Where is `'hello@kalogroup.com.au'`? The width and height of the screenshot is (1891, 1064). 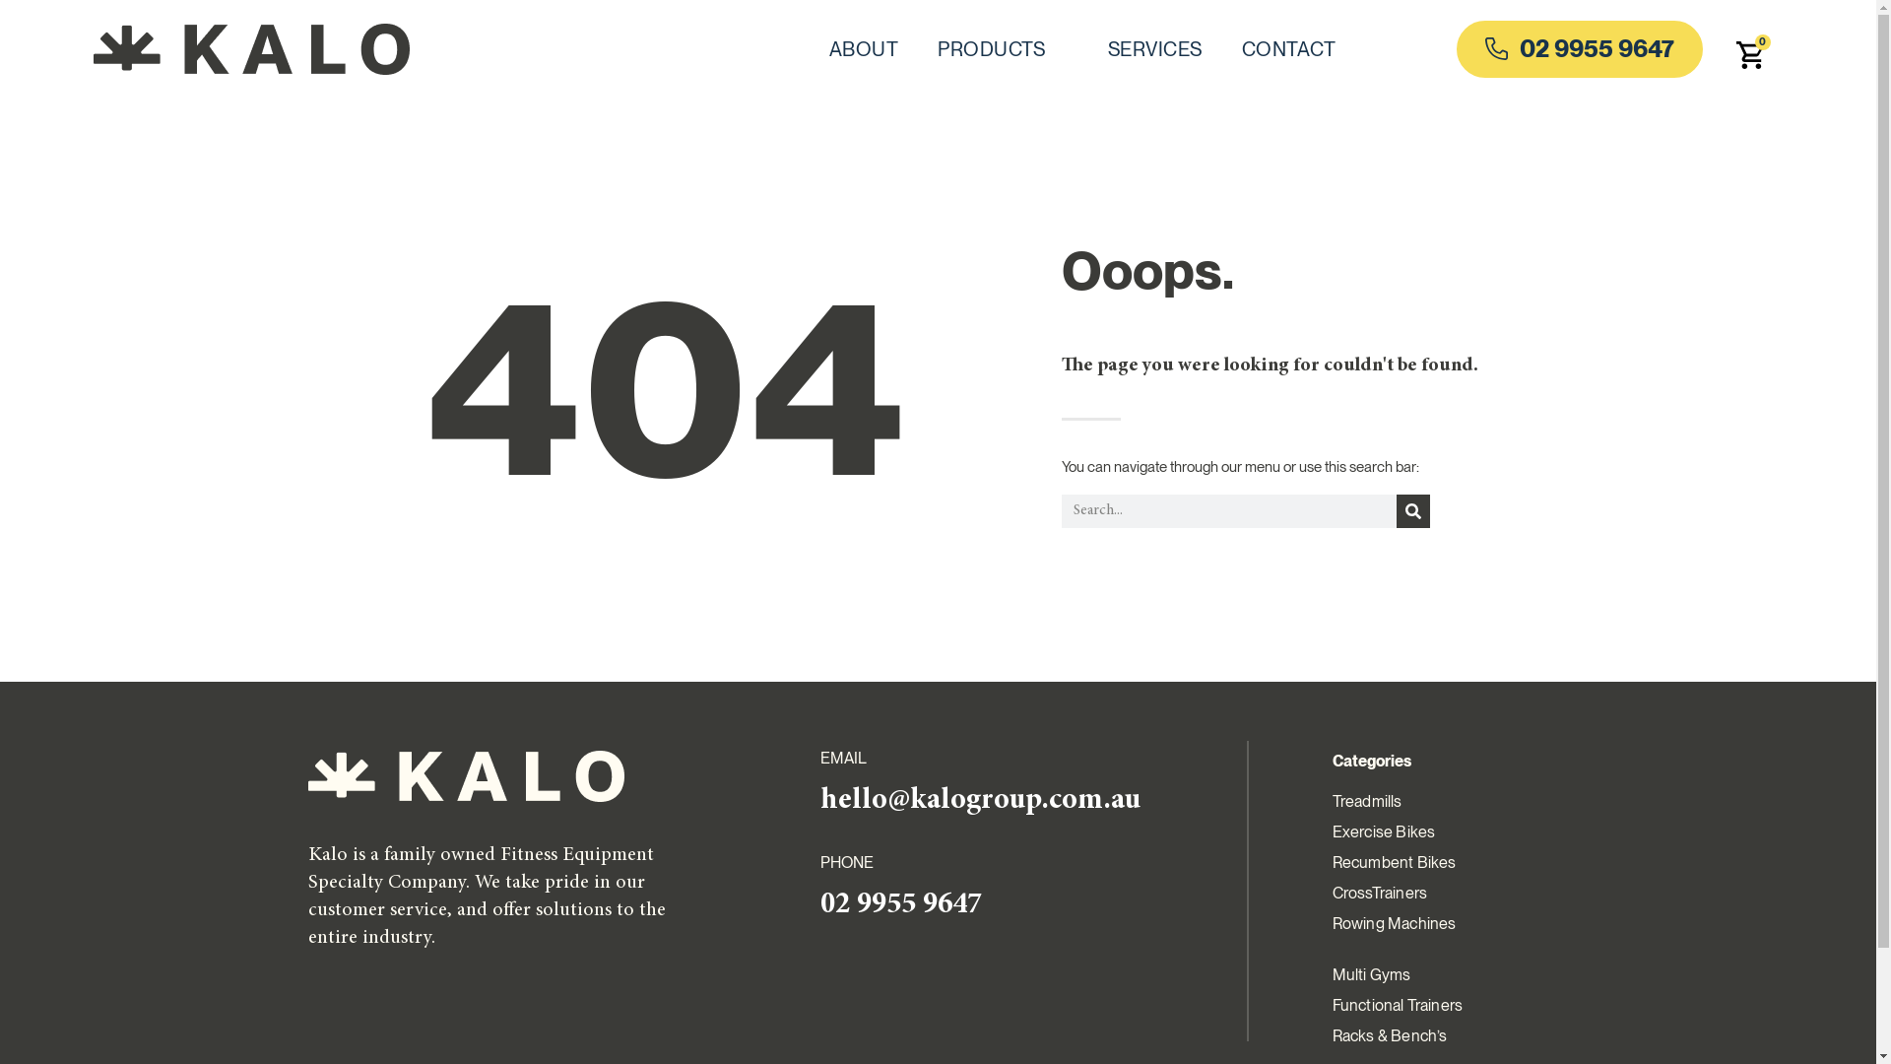 'hello@kalogroup.com.au' is located at coordinates (979, 801).